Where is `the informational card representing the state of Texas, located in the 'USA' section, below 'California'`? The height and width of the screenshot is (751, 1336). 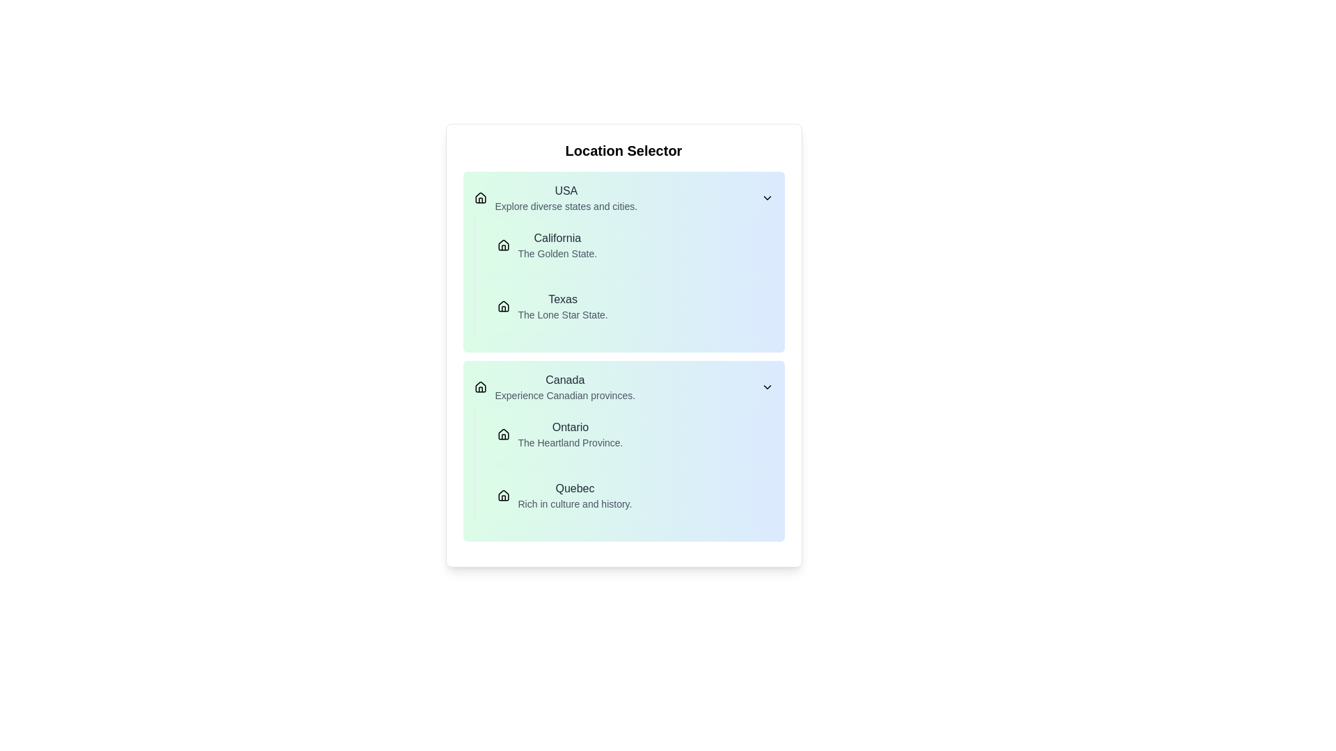
the informational card representing the state of Texas, located in the 'USA' section, below 'California' is located at coordinates (629, 305).